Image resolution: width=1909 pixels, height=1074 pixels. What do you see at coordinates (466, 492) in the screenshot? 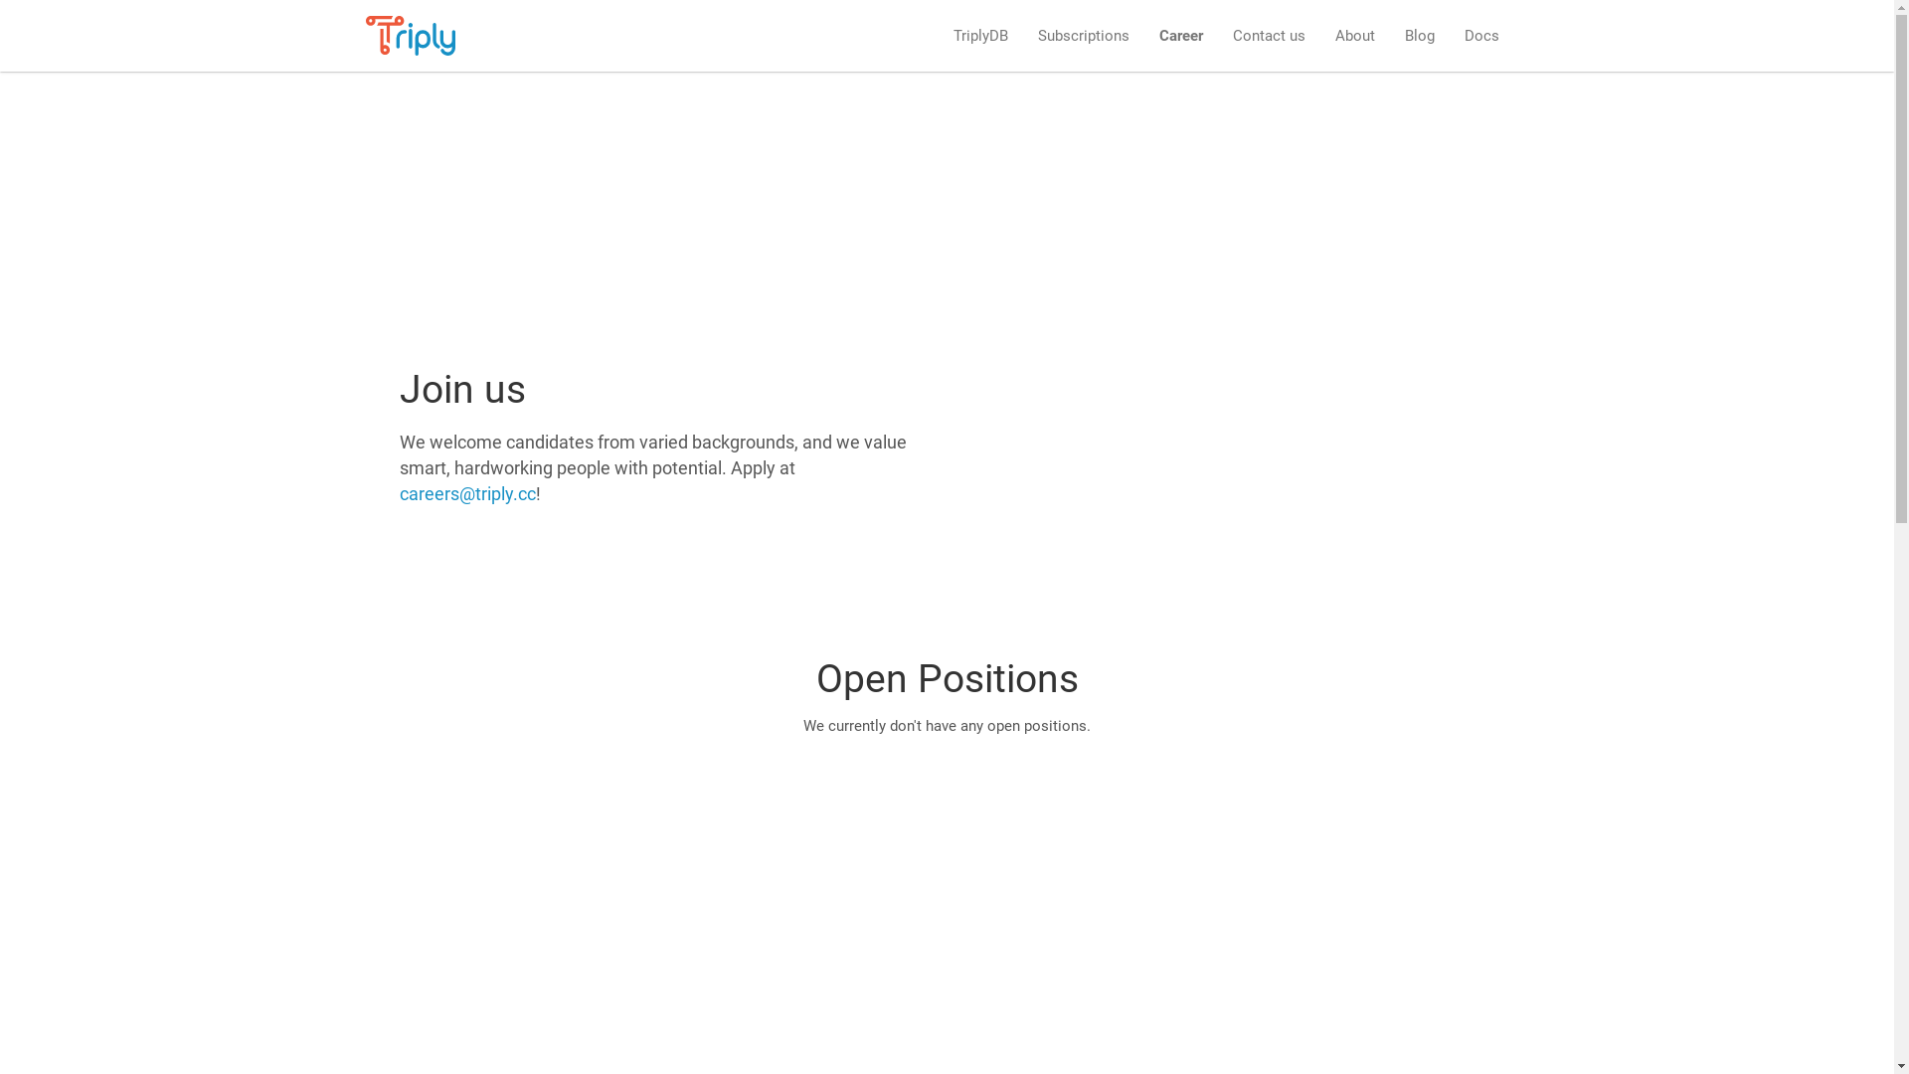
I see `'careers@triply.cc'` at bounding box center [466, 492].